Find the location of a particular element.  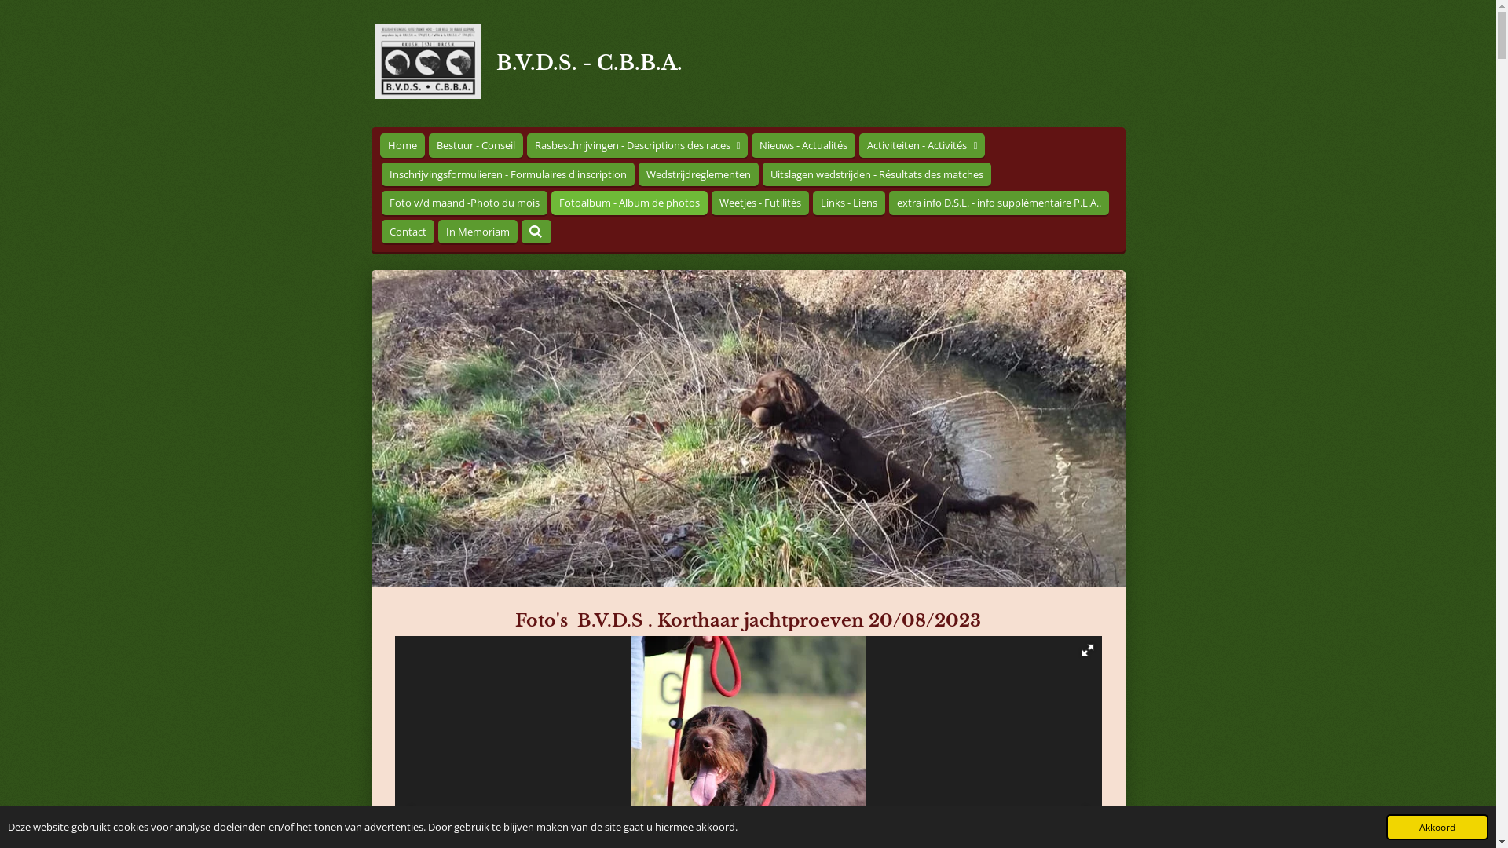

'Links - Liens' is located at coordinates (847, 202).